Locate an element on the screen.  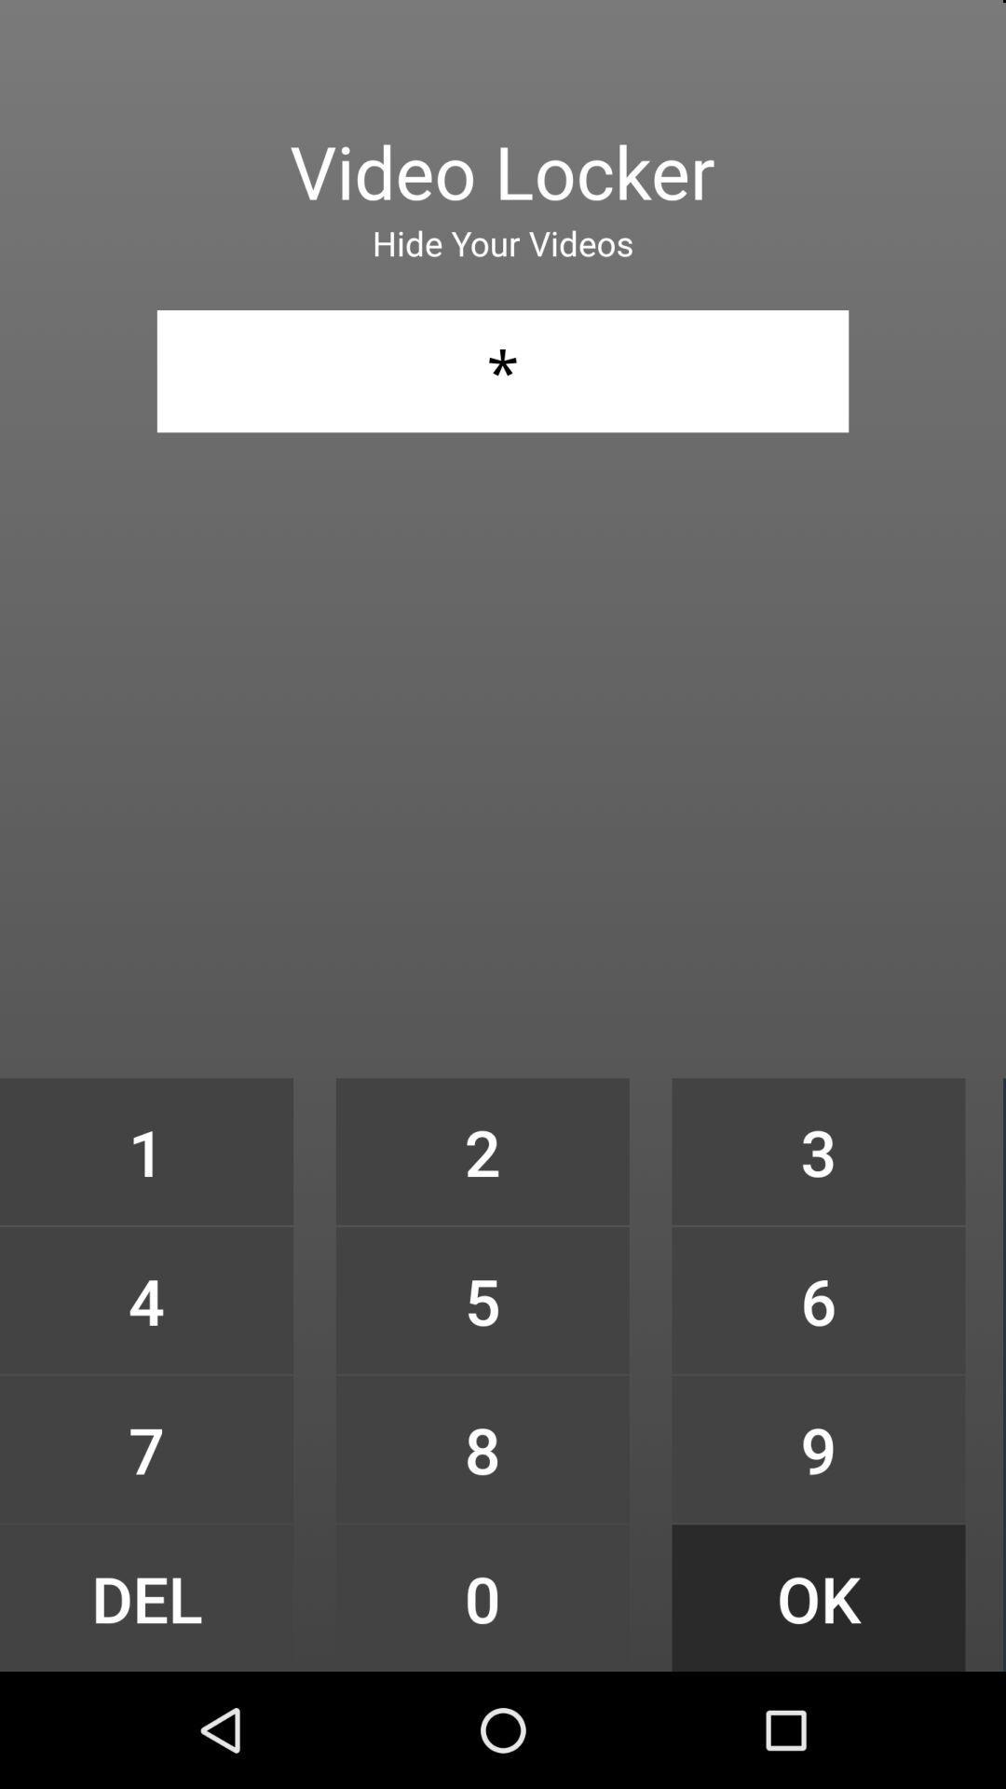
icon to the left of 3 icon is located at coordinates (482, 1299).